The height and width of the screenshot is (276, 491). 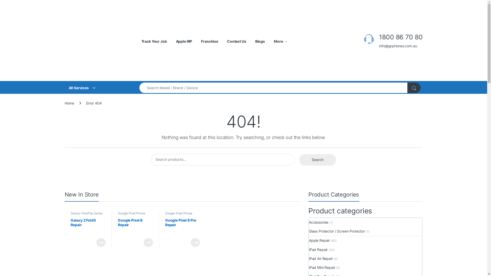 I want to click on 'Google Pixel 8 Repair', so click(x=135, y=226).